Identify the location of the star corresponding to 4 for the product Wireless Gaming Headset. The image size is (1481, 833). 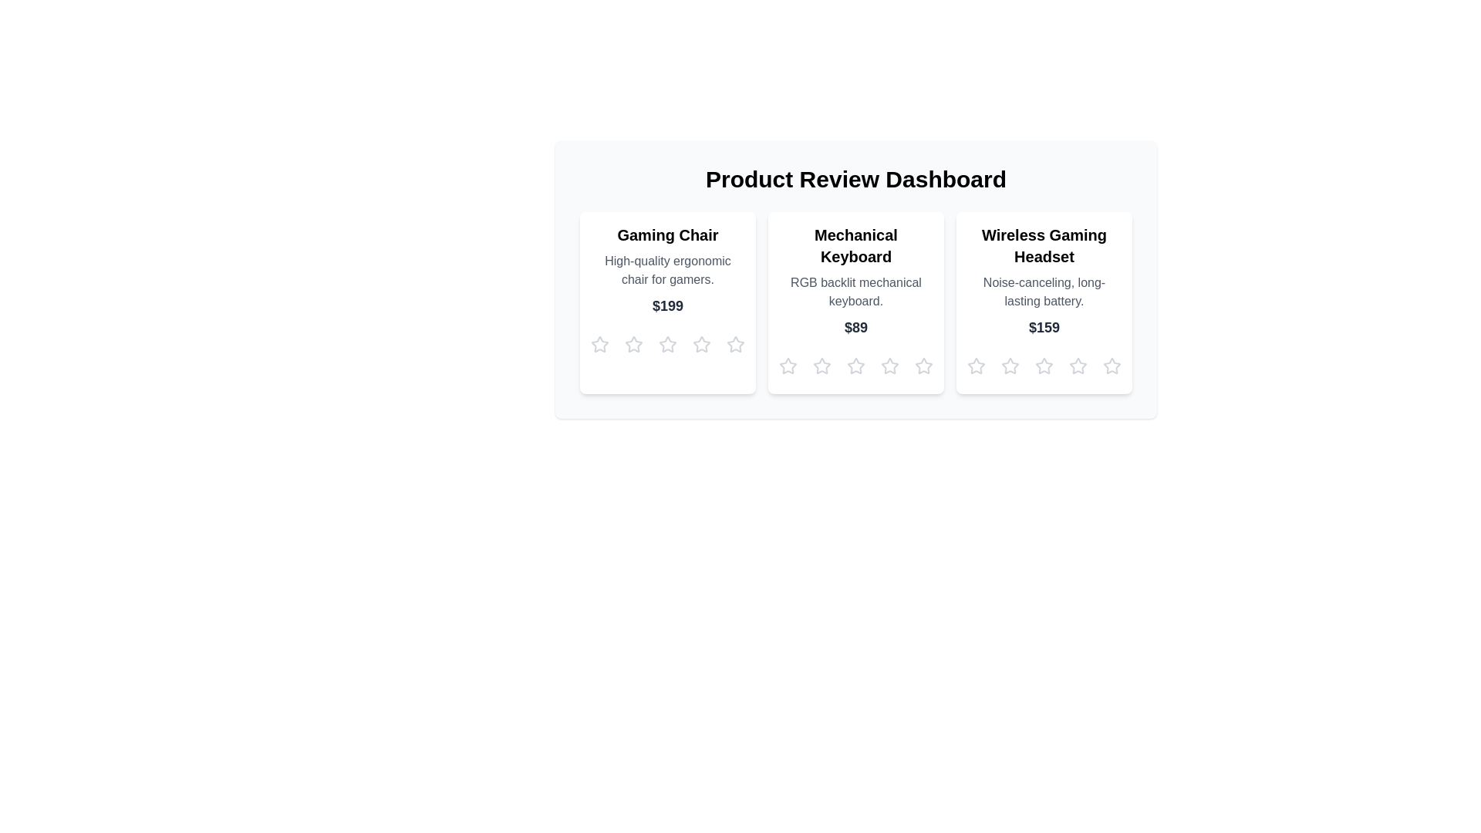
(1077, 366).